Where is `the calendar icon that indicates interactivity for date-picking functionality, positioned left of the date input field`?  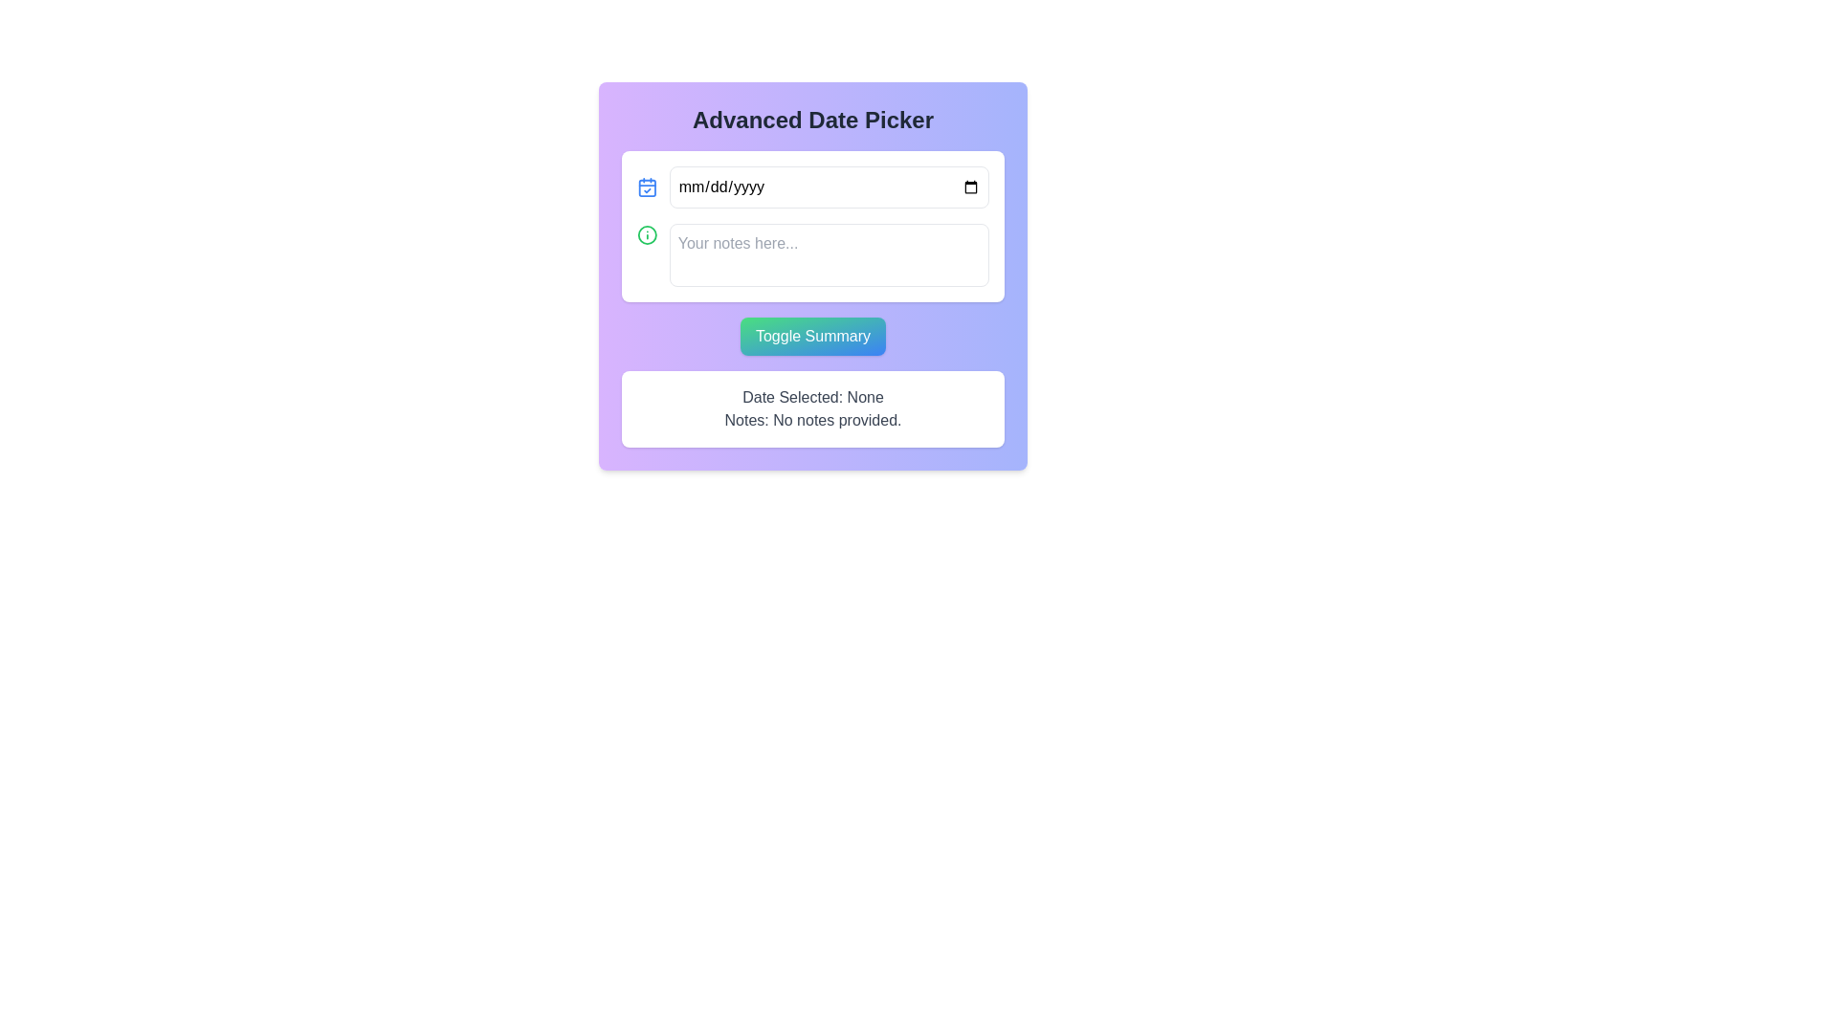
the calendar icon that indicates interactivity for date-picking functionality, positioned left of the date input field is located at coordinates (647, 187).